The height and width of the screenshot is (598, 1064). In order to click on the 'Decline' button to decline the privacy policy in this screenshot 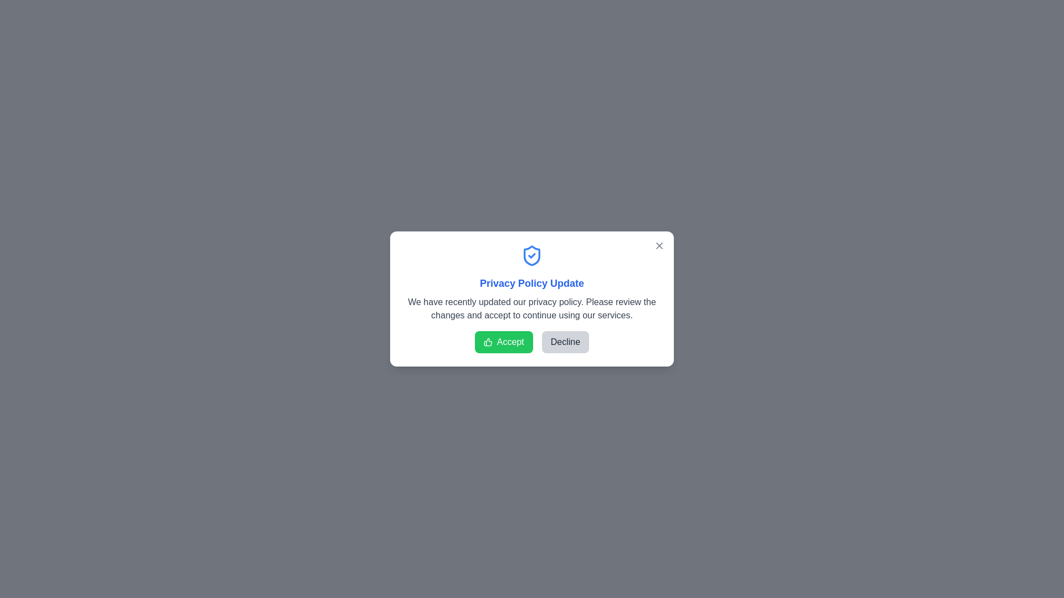, I will do `click(565, 341)`.